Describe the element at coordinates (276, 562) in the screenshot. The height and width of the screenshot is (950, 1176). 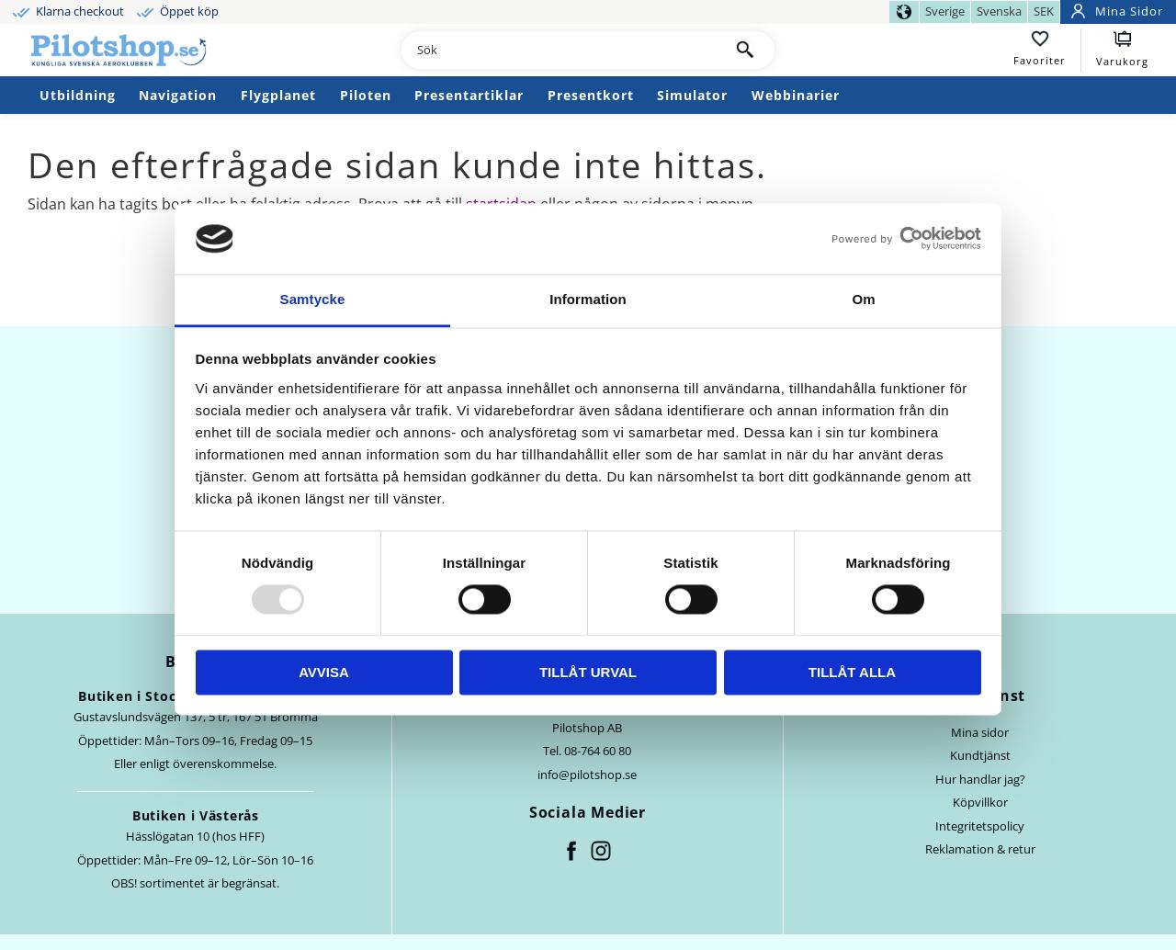
I see `'Nödvändig'` at that location.